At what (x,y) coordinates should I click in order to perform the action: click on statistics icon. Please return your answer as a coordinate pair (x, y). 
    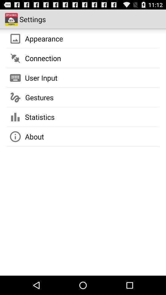
    Looking at the image, I should click on (40, 116).